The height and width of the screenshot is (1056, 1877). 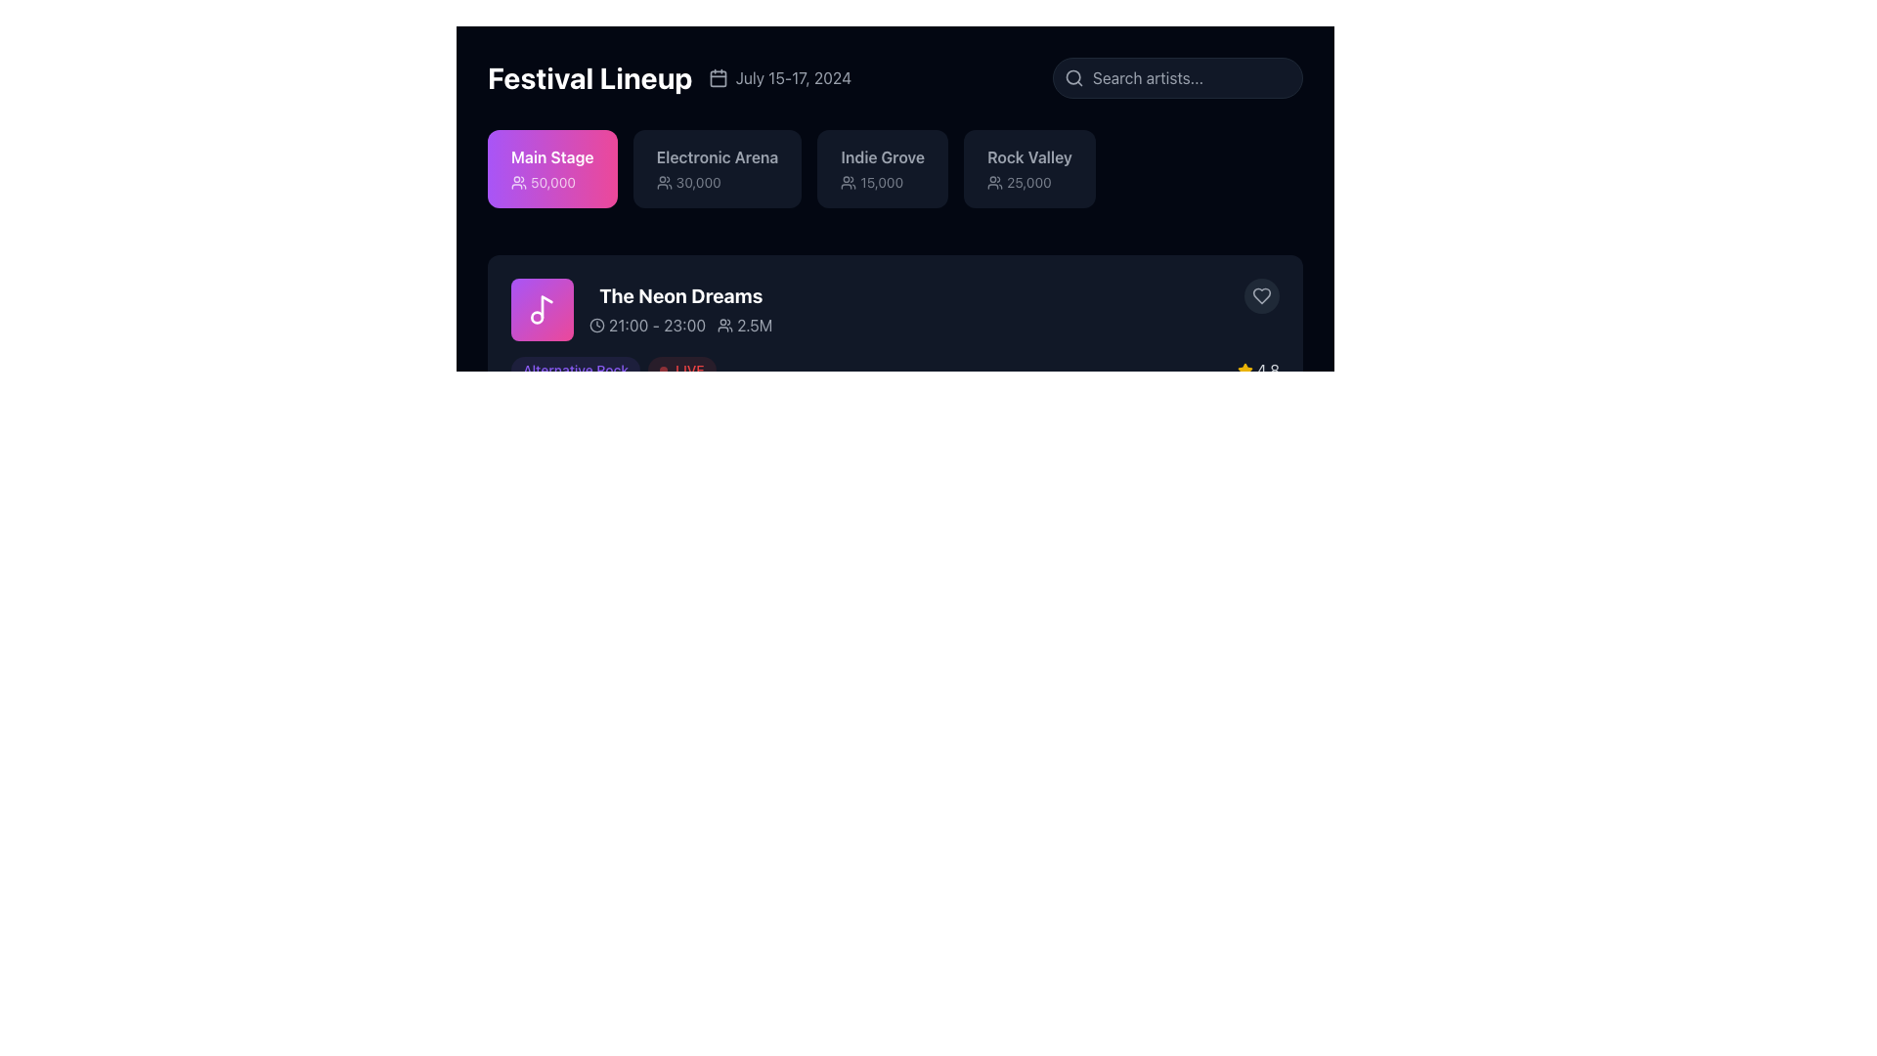 I want to click on the musical note icon's elongated vertical line in the 'The Neon Dreams' section of the UI, so click(x=546, y=307).